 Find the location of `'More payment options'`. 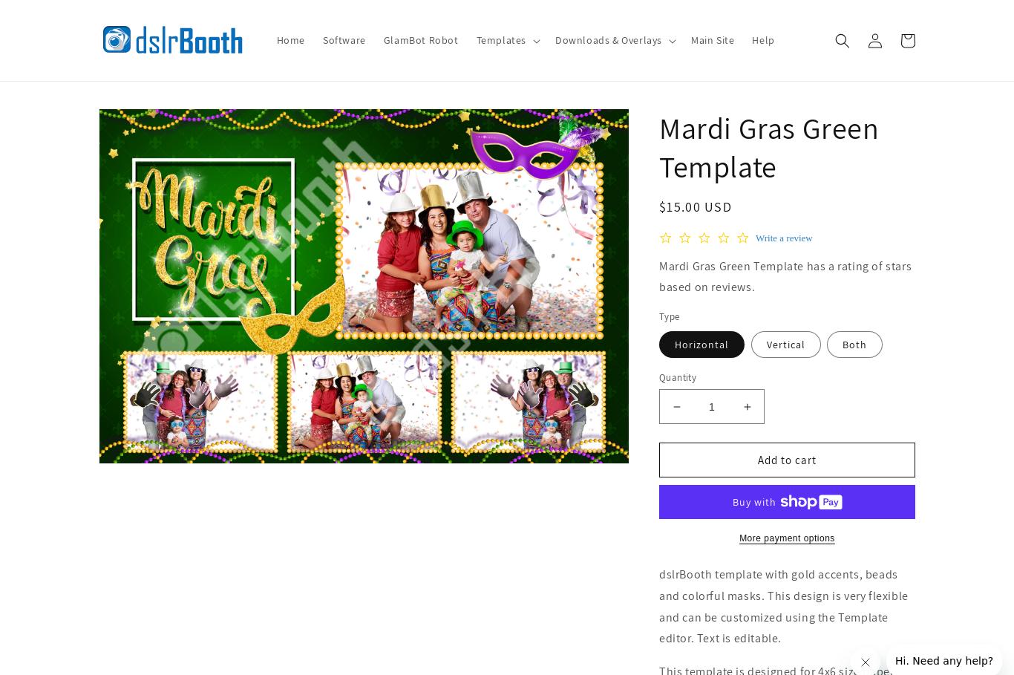

'More payment options' is located at coordinates (786, 538).